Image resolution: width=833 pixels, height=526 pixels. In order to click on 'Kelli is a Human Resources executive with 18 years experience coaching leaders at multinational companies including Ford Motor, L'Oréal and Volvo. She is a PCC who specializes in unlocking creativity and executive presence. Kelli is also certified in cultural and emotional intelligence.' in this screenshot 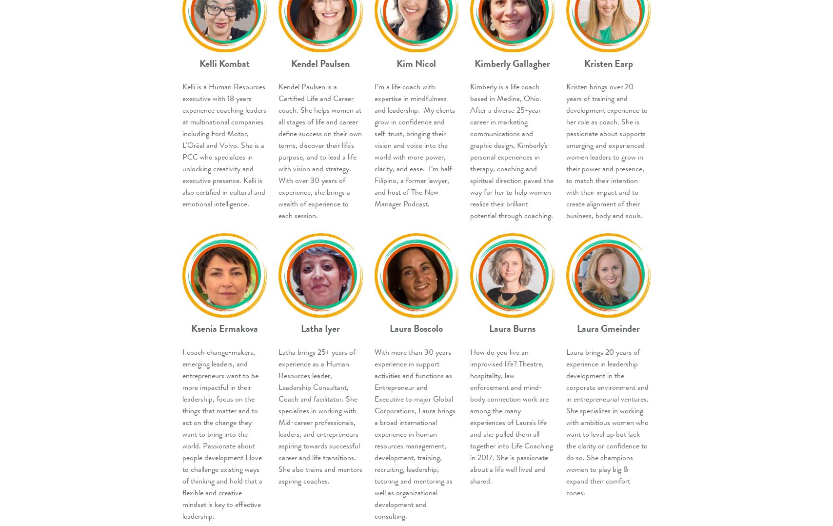, I will do `click(224, 145)`.